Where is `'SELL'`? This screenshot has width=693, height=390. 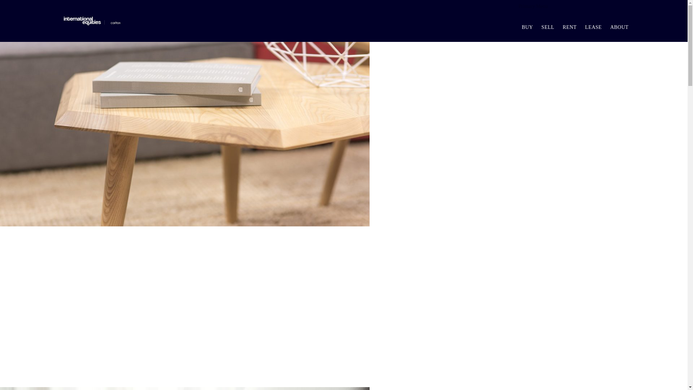
'SELL' is located at coordinates (537, 27).